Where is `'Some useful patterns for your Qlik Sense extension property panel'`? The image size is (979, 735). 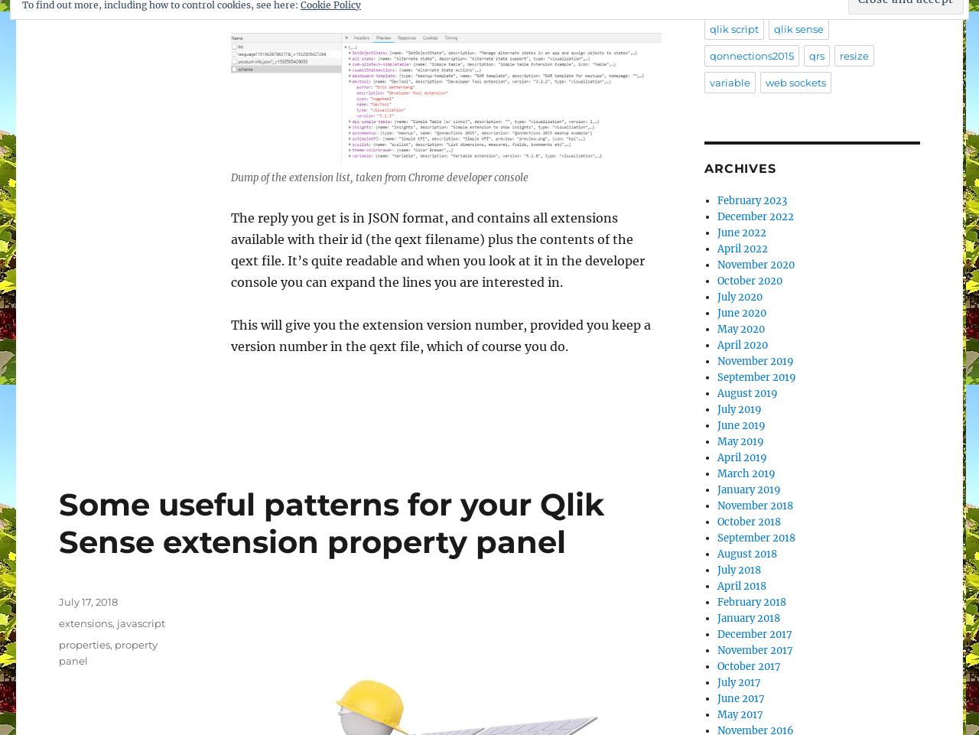 'Some useful patterns for your Qlik Sense extension property panel' is located at coordinates (330, 522).